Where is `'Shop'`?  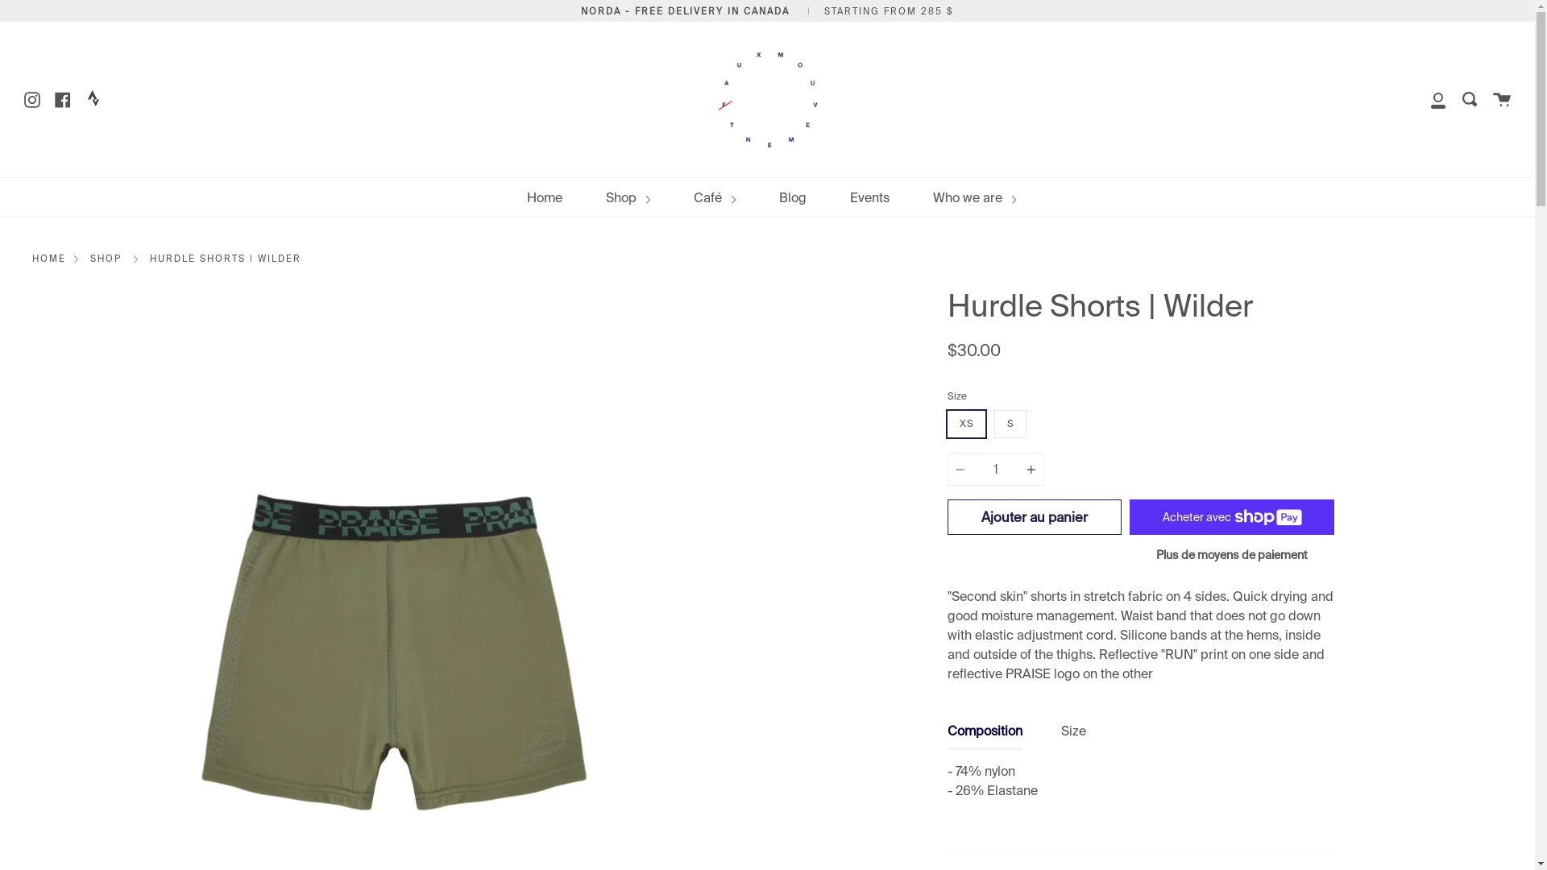 'Shop' is located at coordinates (627, 197).